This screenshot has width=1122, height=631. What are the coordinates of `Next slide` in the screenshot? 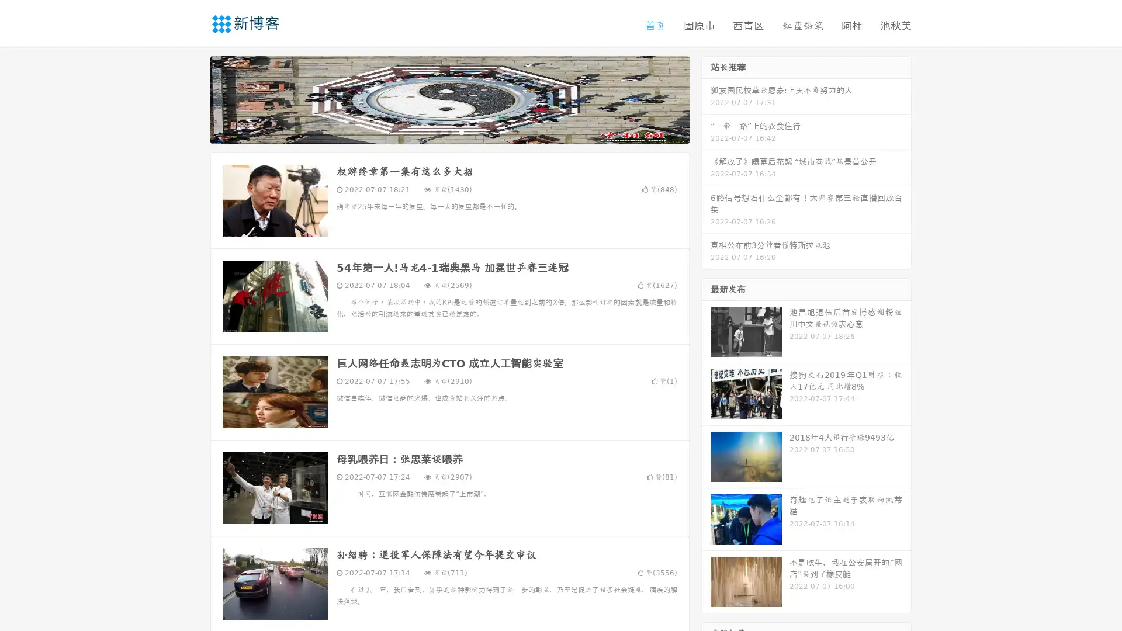 It's located at (706, 98).